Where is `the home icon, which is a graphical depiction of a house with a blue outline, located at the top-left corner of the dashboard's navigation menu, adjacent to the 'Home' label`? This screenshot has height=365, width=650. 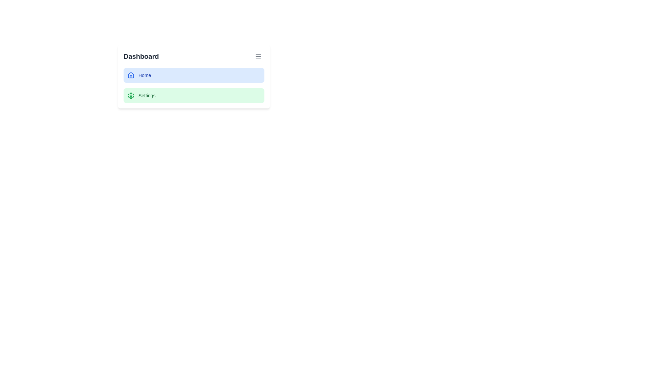
the home icon, which is a graphical depiction of a house with a blue outline, located at the top-left corner of the dashboard's navigation menu, adjacent to the 'Home' label is located at coordinates (131, 75).